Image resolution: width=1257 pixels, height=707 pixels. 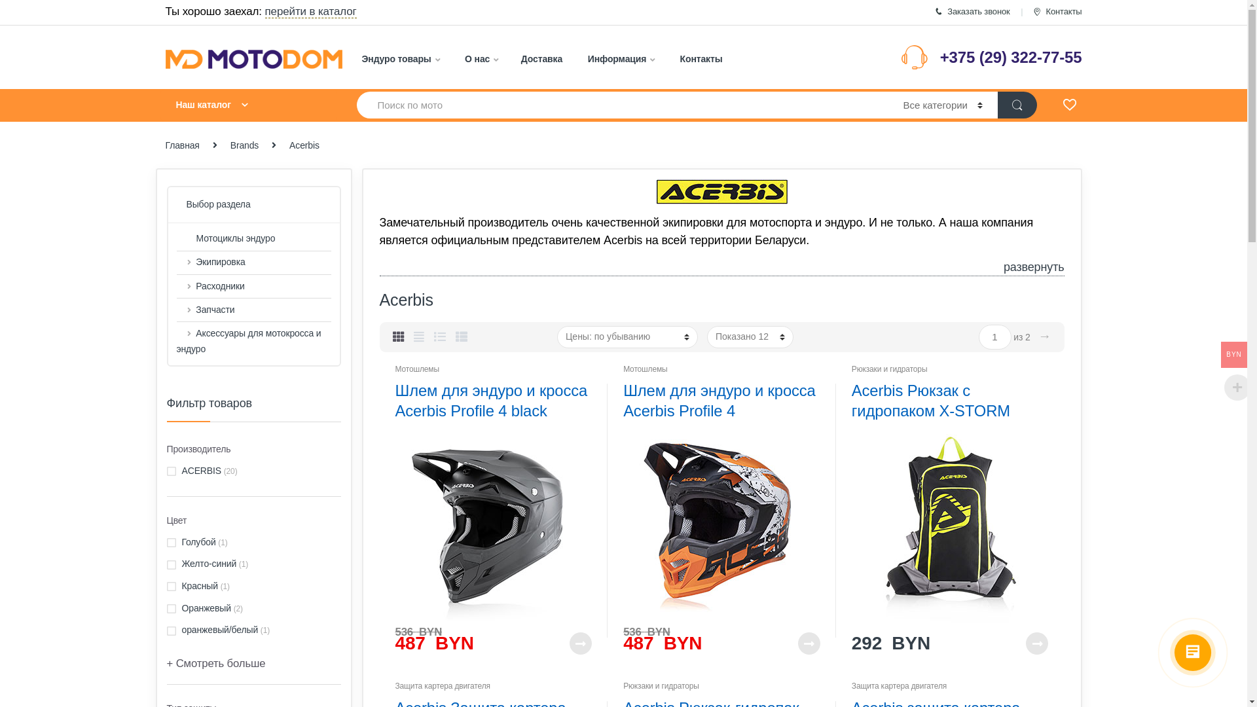 I want to click on 'Grid Extended View', so click(x=418, y=336).